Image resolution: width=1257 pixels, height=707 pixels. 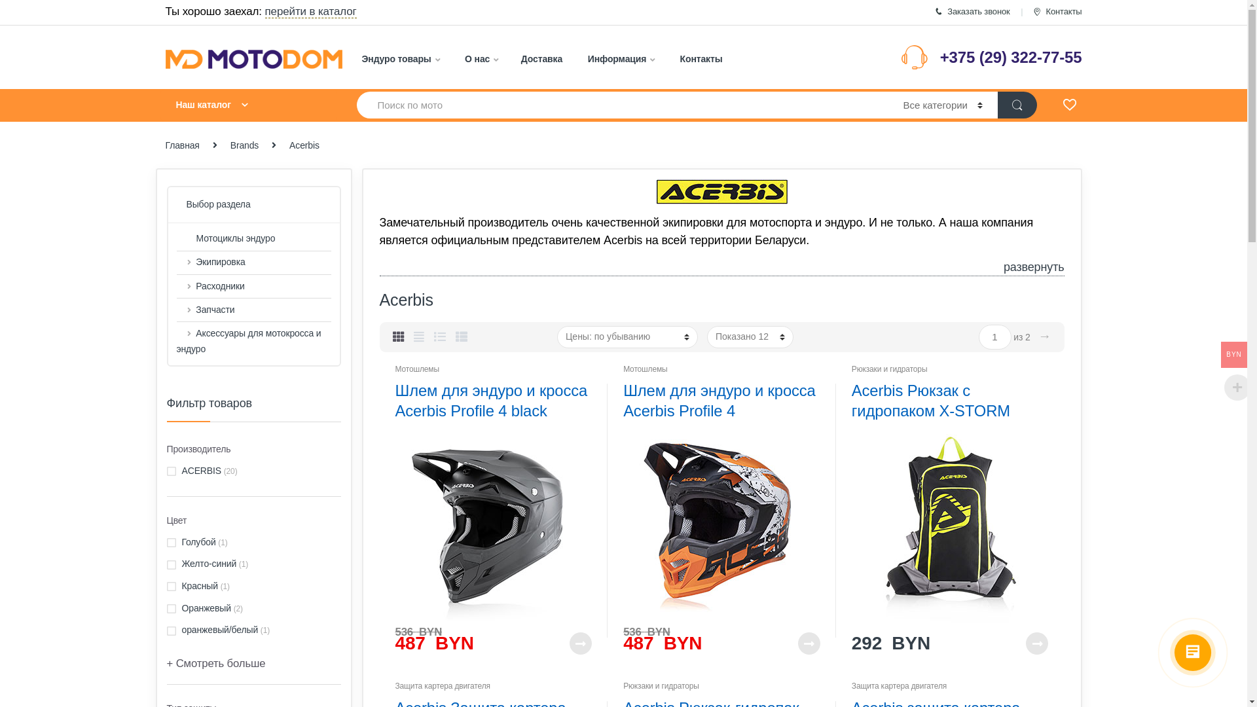 I want to click on 'Grid Extended View', so click(x=418, y=336).